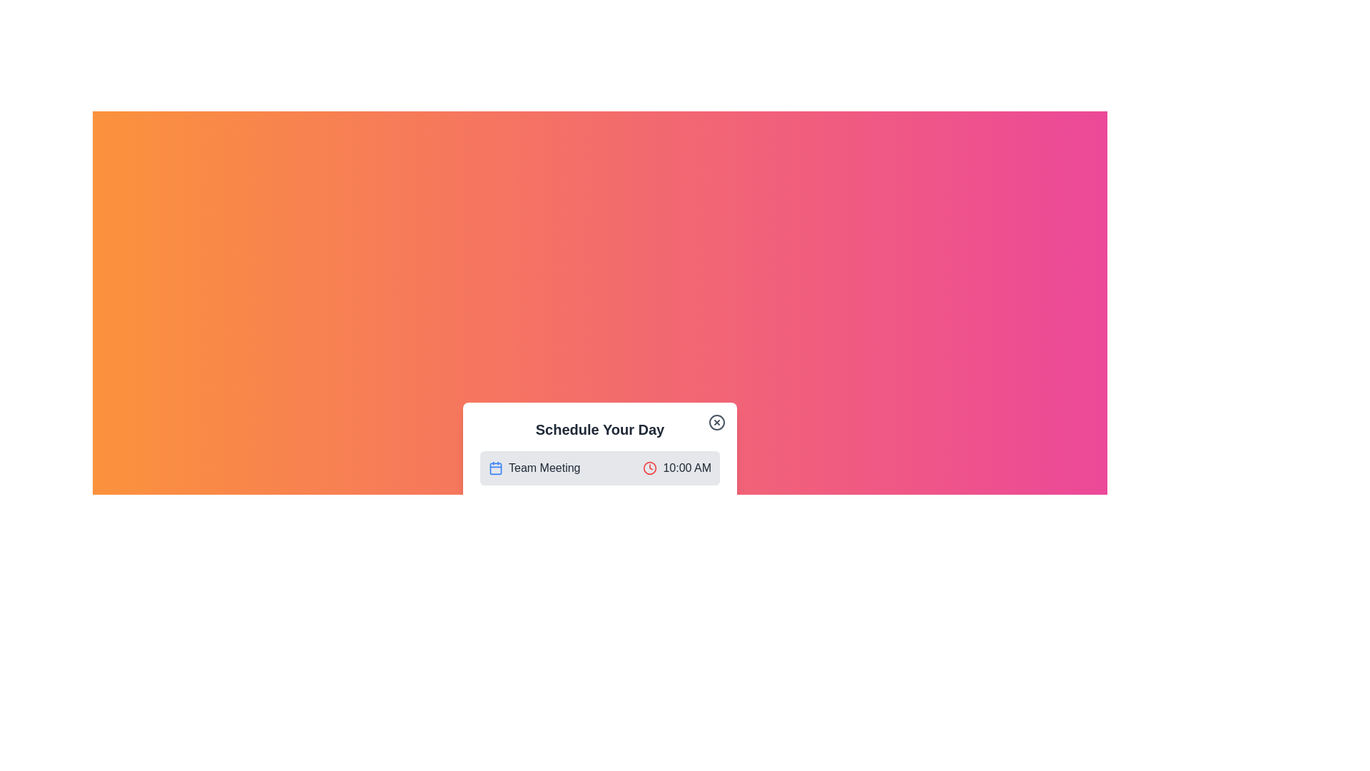  What do you see at coordinates (676, 468) in the screenshot?
I see `the 'scheduled time' text with icon located in the second section of the 'Schedule Your Day' area, positioned right next to the 'Team Meeting' label` at bounding box center [676, 468].